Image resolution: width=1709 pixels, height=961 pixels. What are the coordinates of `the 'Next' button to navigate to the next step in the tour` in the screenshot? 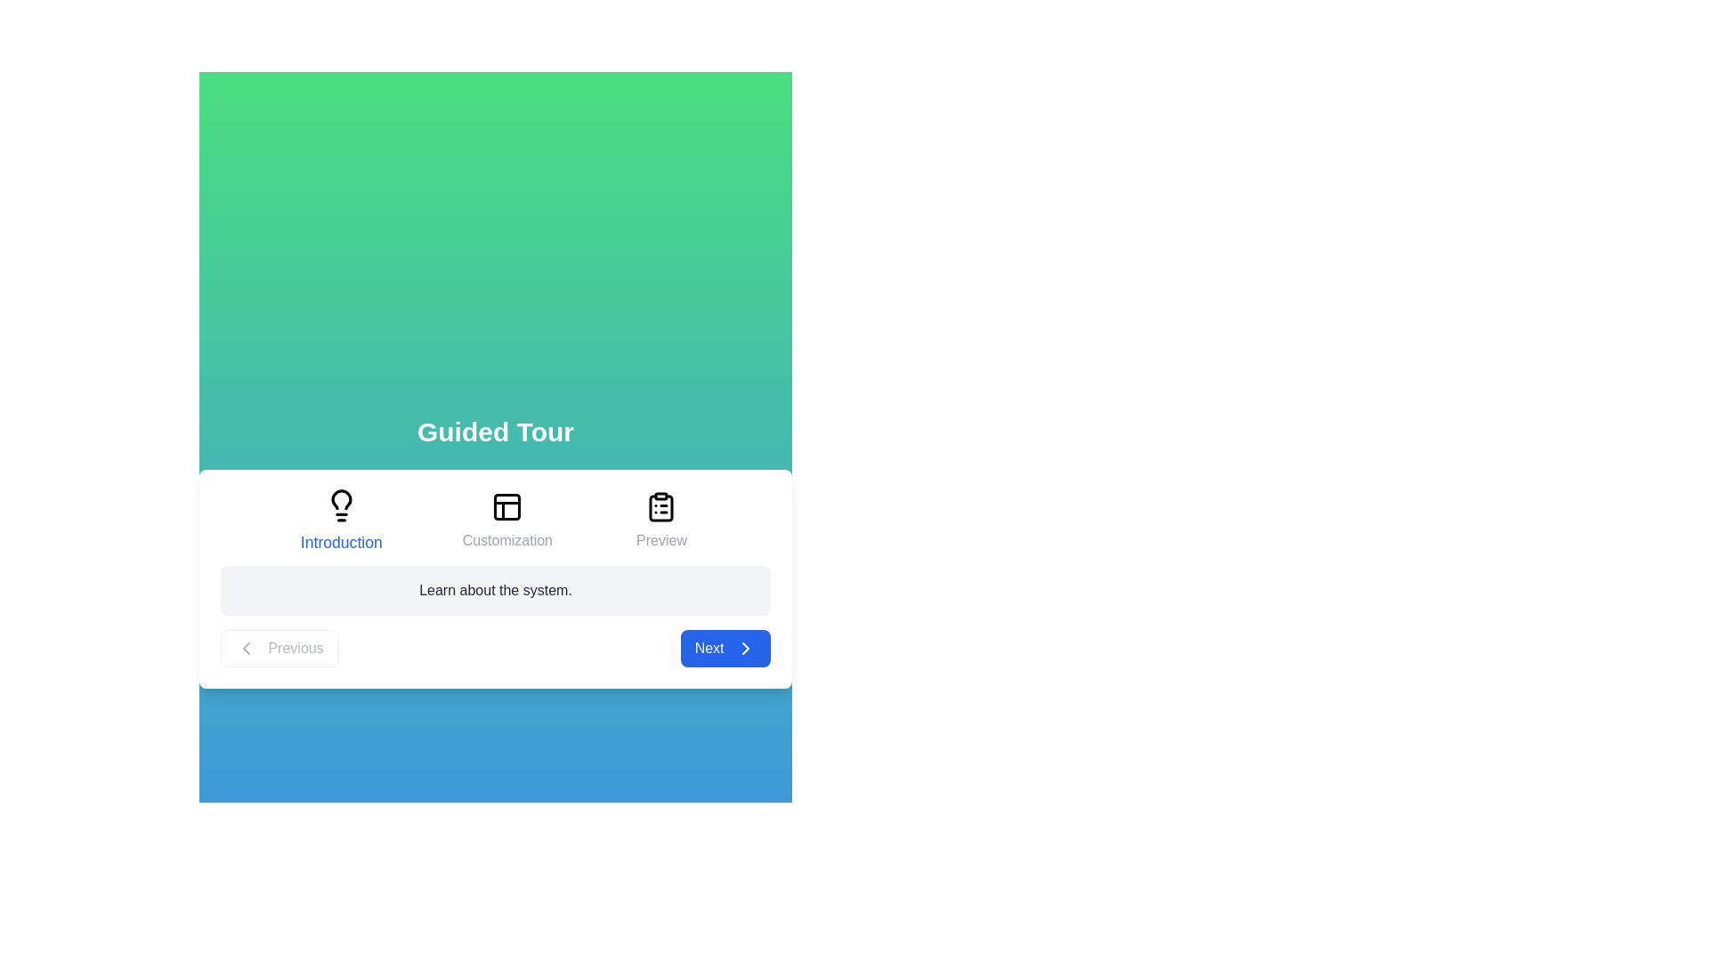 It's located at (725, 649).